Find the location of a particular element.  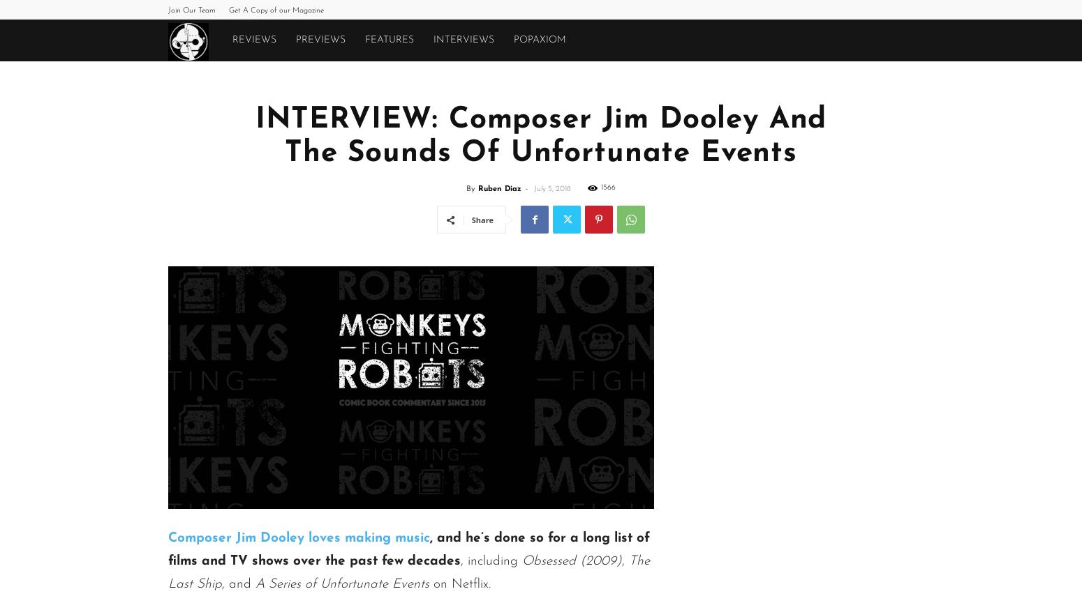

'The Last Ship' is located at coordinates (409, 572).